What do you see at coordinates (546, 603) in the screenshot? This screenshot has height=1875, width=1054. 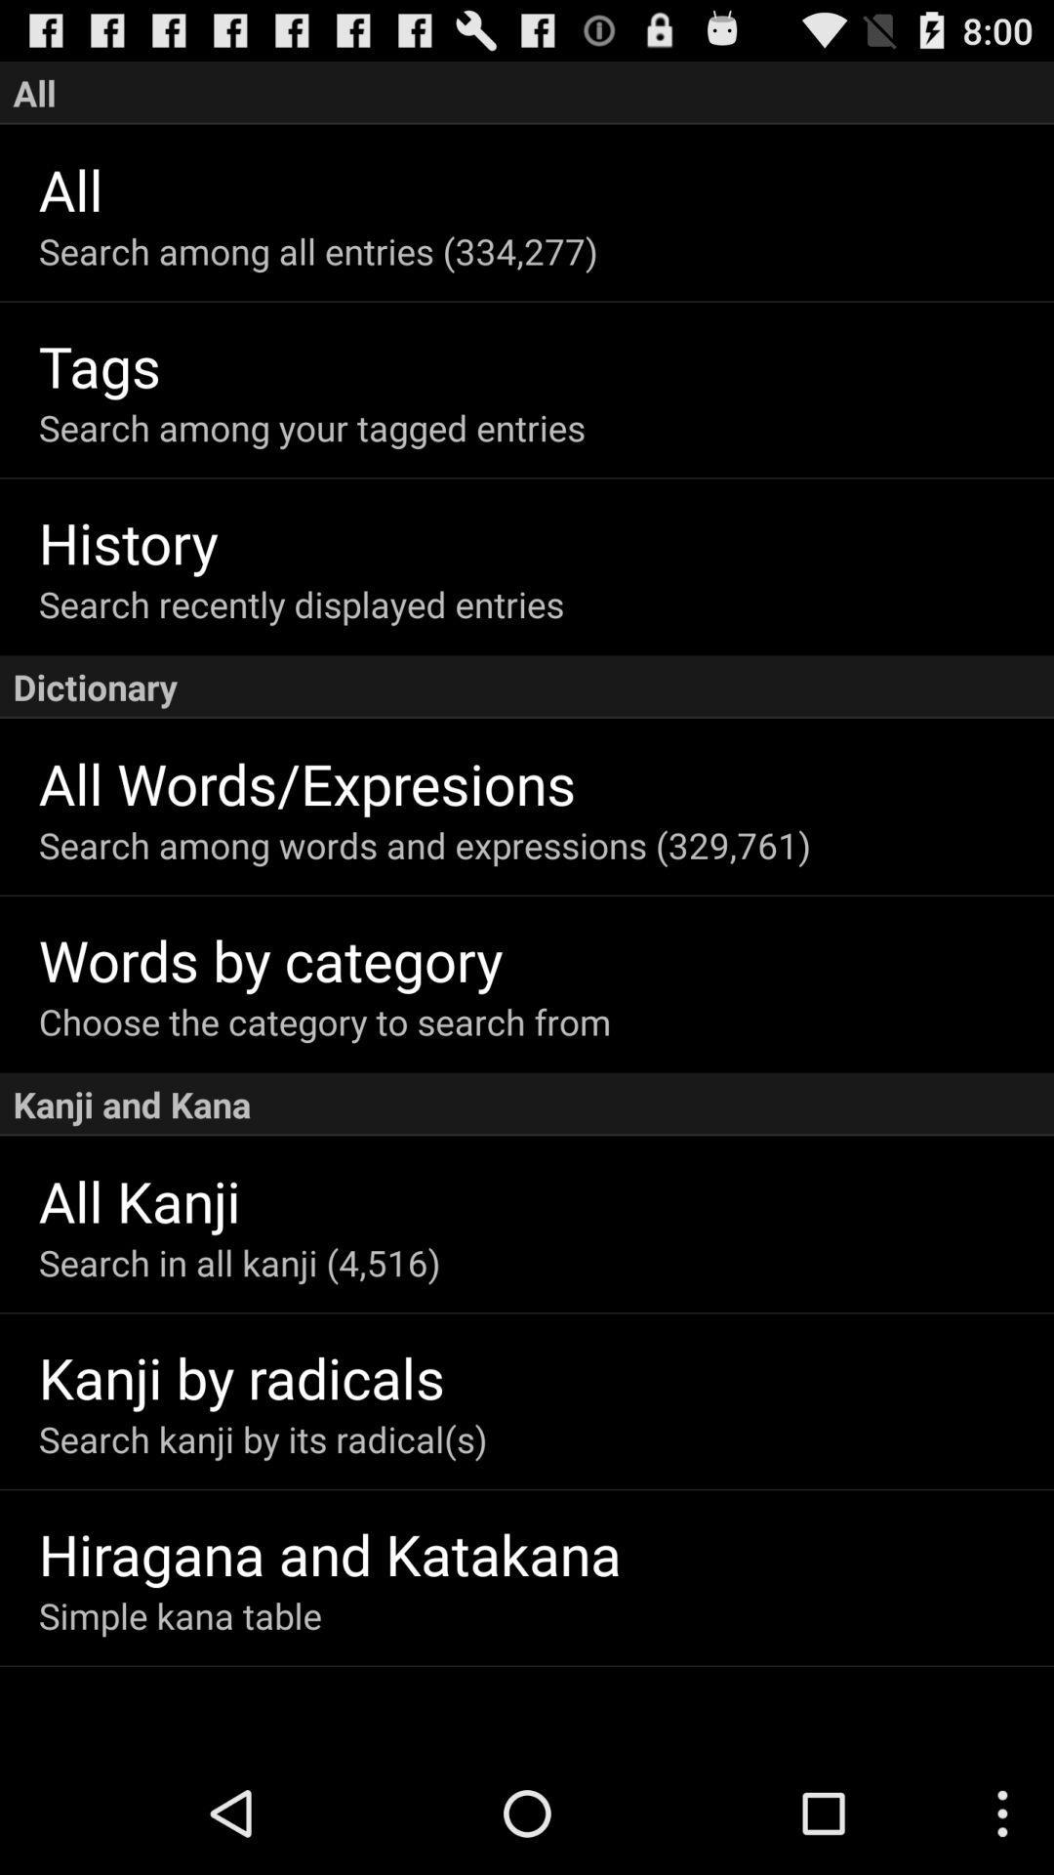 I see `app below history icon` at bounding box center [546, 603].